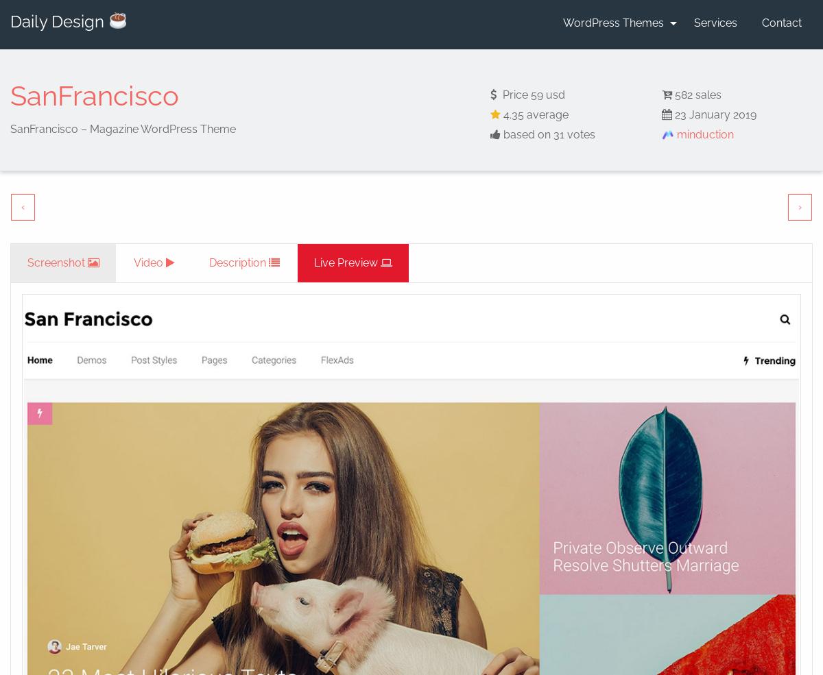  What do you see at coordinates (547, 134) in the screenshot?
I see `'based on 31 votes'` at bounding box center [547, 134].